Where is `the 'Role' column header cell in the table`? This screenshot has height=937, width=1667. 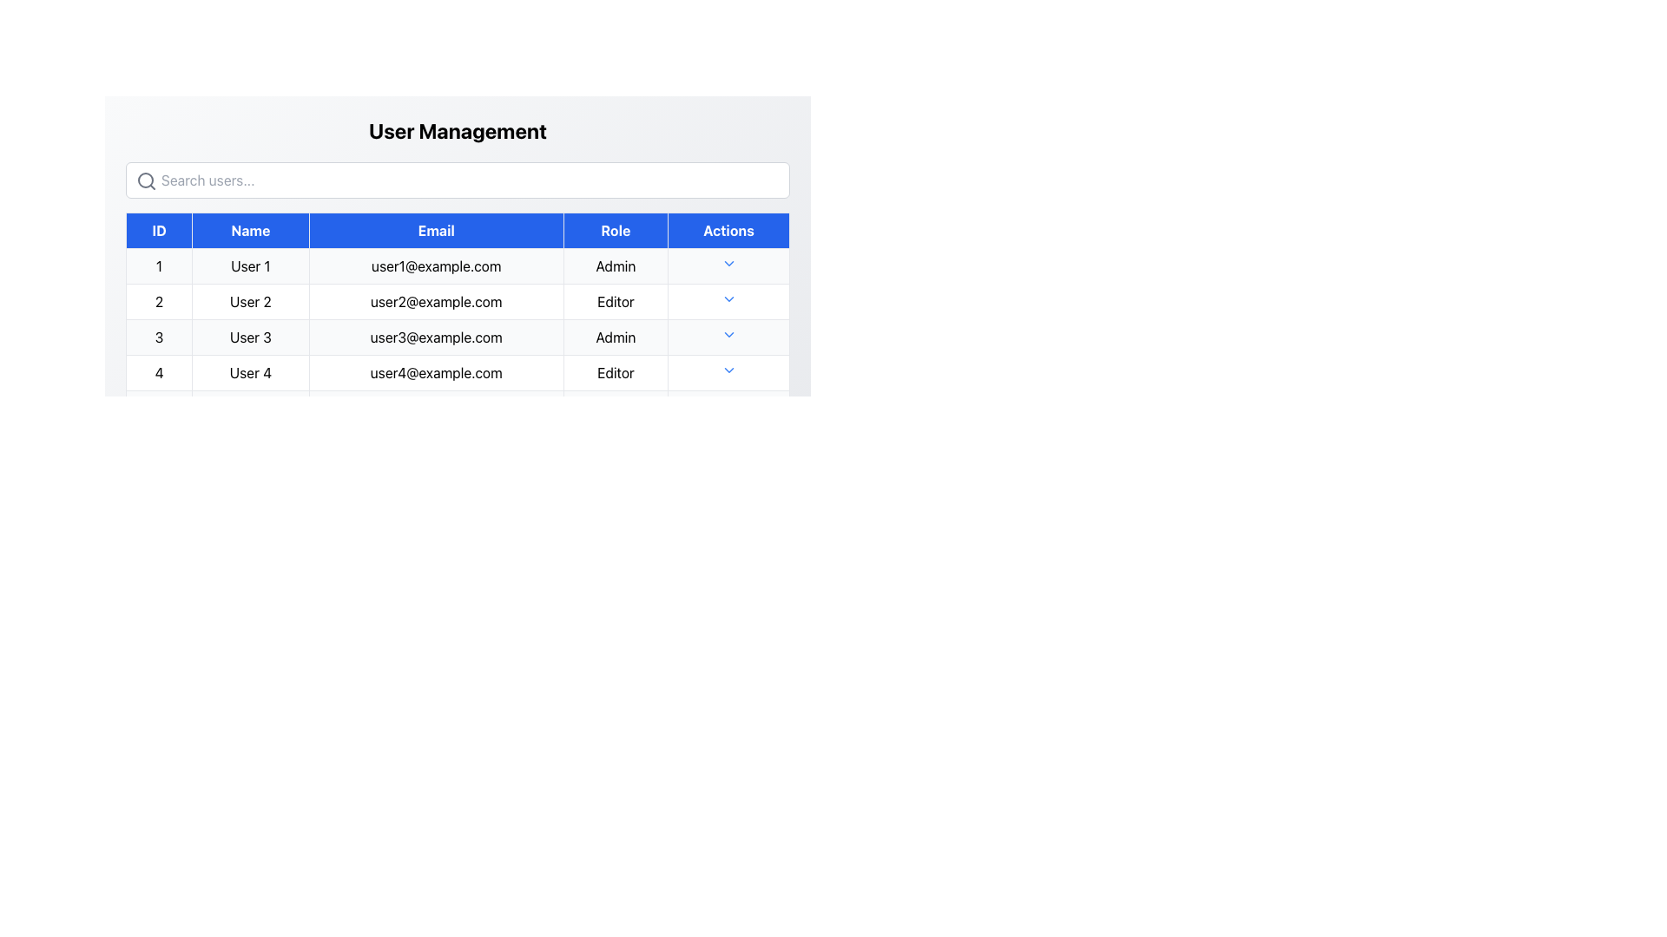
the 'Role' column header cell in the table is located at coordinates (616, 230).